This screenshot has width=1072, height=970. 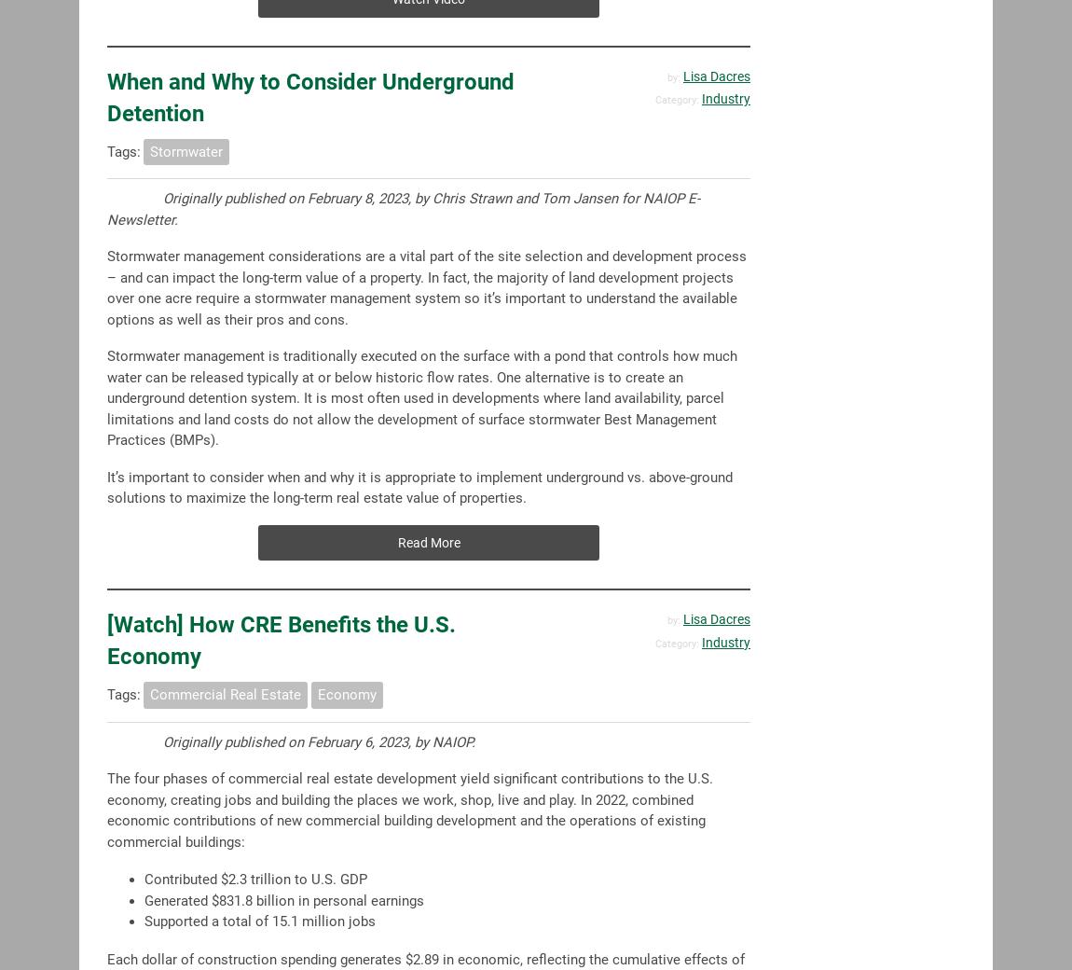 What do you see at coordinates (428, 541) in the screenshot?
I see `'Read More'` at bounding box center [428, 541].